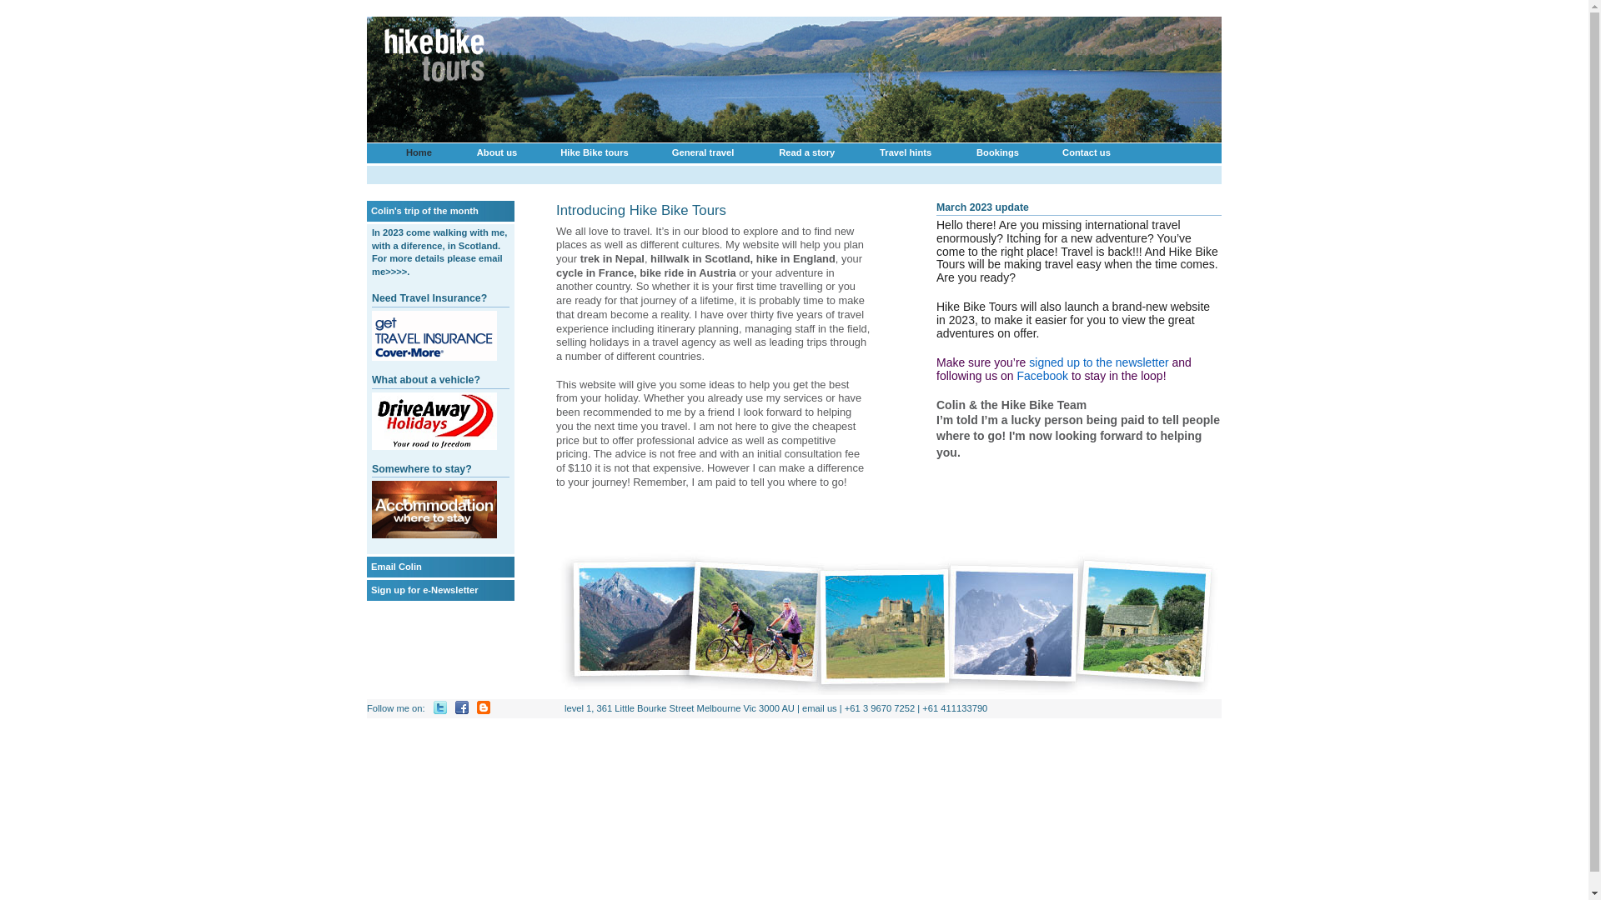  I want to click on 'Sign up for e-Newsletter', so click(424, 589).